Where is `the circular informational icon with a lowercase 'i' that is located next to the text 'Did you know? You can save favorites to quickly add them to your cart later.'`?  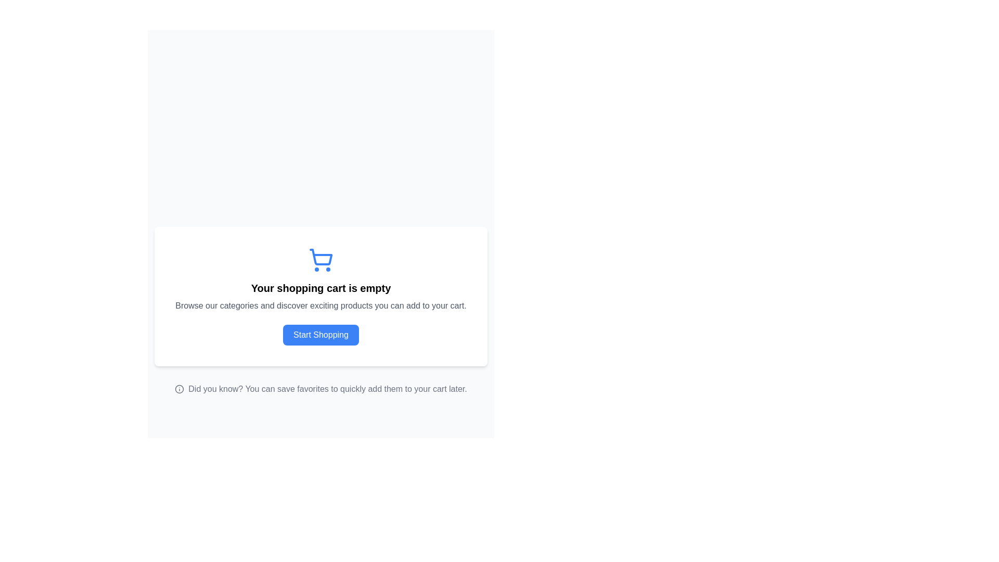
the circular informational icon with a lowercase 'i' that is located next to the text 'Did you know? You can save favorites to quickly add them to your cart later.' is located at coordinates (180, 389).